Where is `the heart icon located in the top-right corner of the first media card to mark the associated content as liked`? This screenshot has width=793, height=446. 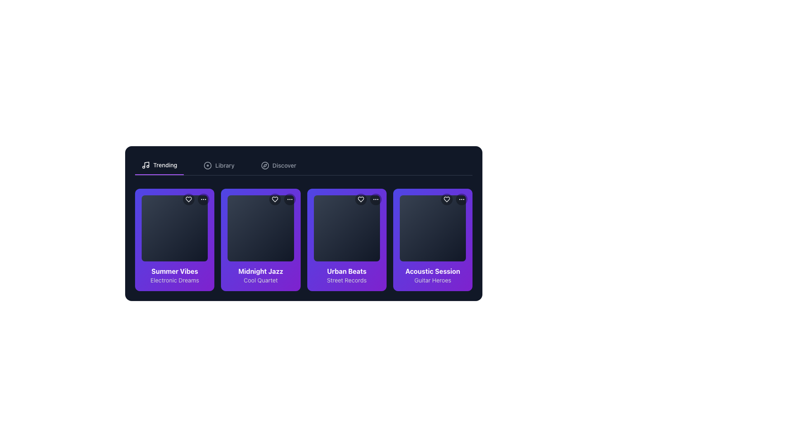 the heart icon located in the top-right corner of the first media card to mark the associated content as liked is located at coordinates (188, 199).